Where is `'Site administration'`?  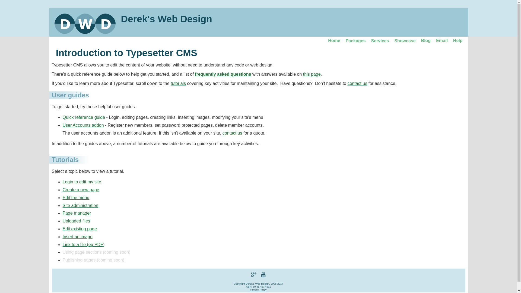 'Site administration' is located at coordinates (80, 205).